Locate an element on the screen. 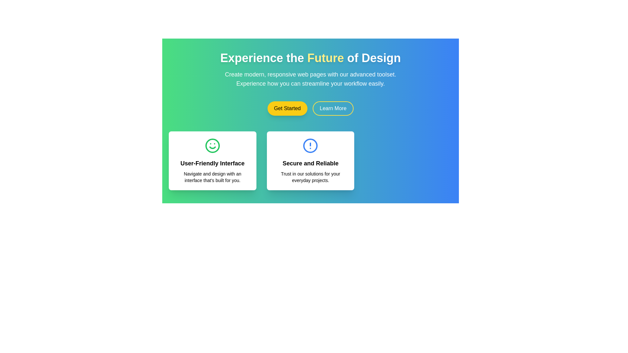  the 'Learn More' pill-shaped button with a yellow border is located at coordinates (333, 108).